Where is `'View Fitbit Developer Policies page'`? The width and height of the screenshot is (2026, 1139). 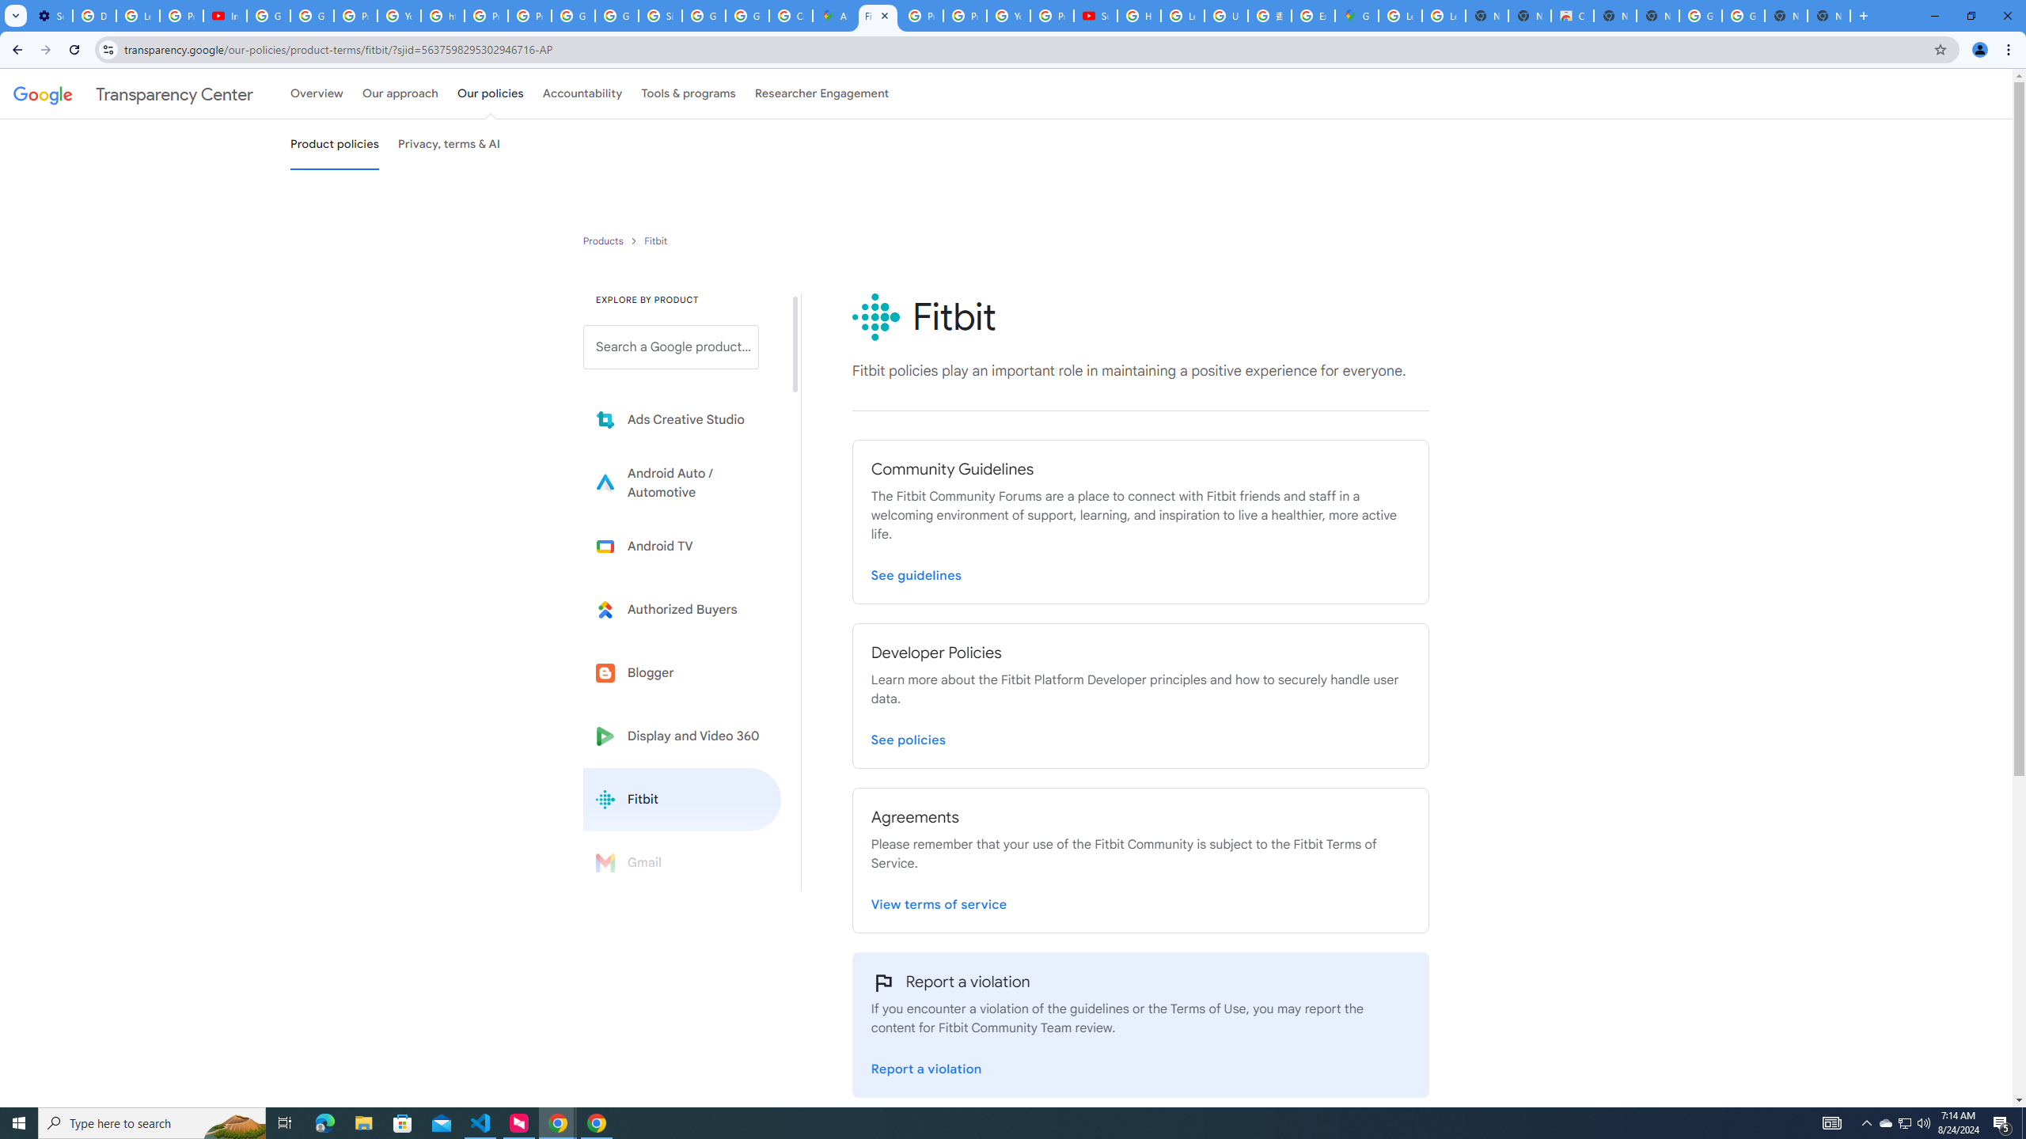 'View Fitbit Developer Policies page' is located at coordinates (908, 736).